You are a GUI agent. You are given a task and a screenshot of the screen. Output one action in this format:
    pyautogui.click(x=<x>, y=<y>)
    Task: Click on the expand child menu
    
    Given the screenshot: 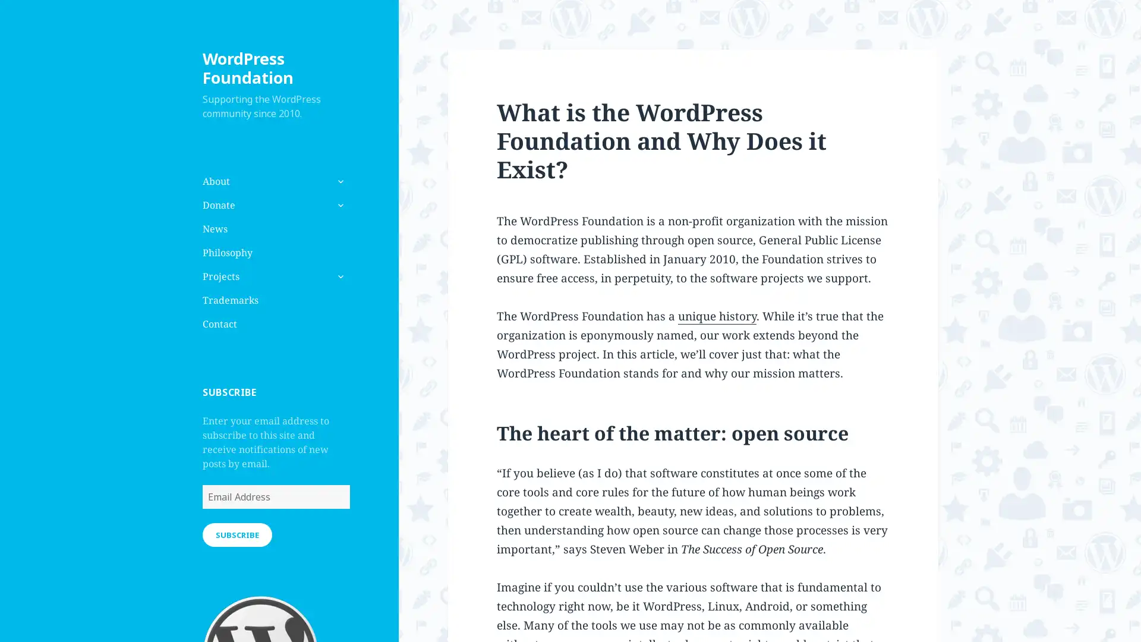 What is the action you would take?
    pyautogui.click(x=339, y=204)
    